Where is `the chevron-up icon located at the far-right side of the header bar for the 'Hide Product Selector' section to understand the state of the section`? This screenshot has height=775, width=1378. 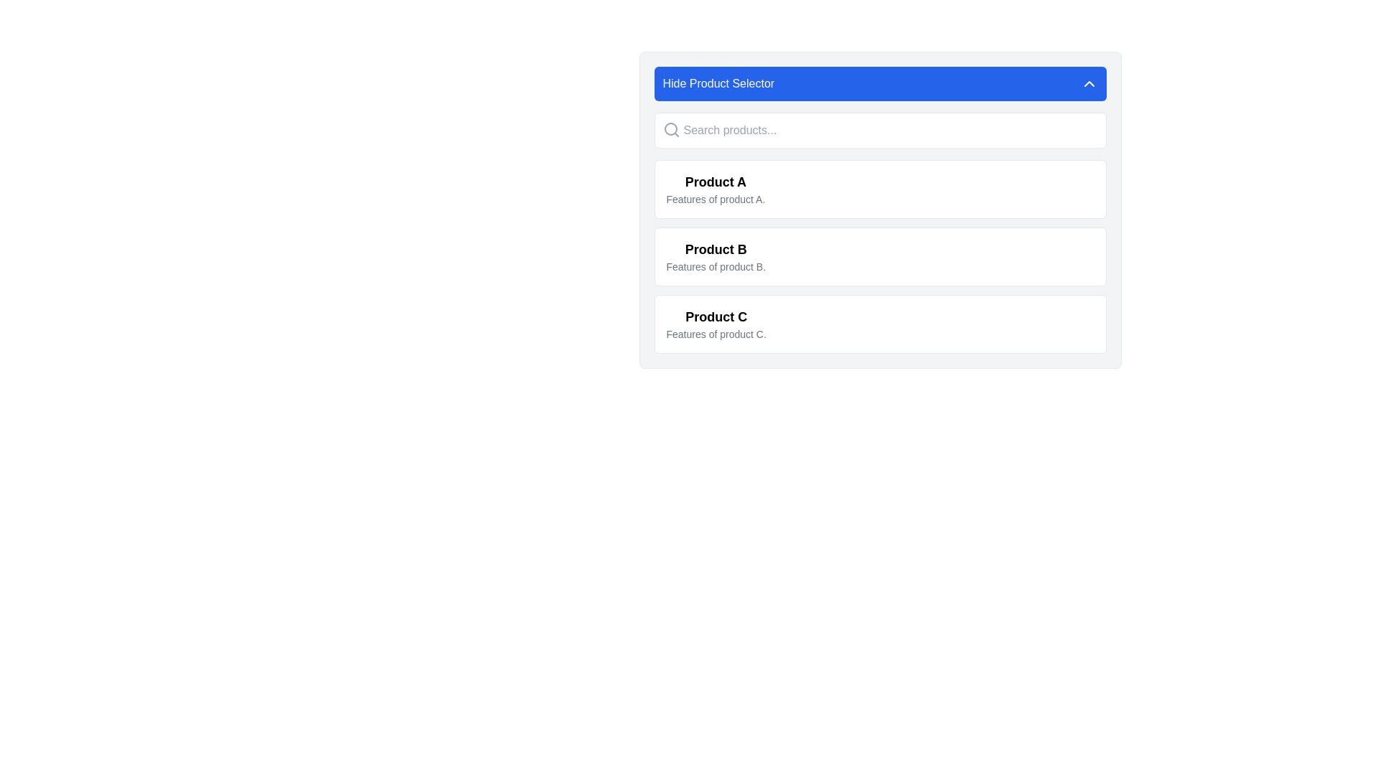
the chevron-up icon located at the far-right side of the header bar for the 'Hide Product Selector' section to understand the state of the section is located at coordinates (1089, 83).